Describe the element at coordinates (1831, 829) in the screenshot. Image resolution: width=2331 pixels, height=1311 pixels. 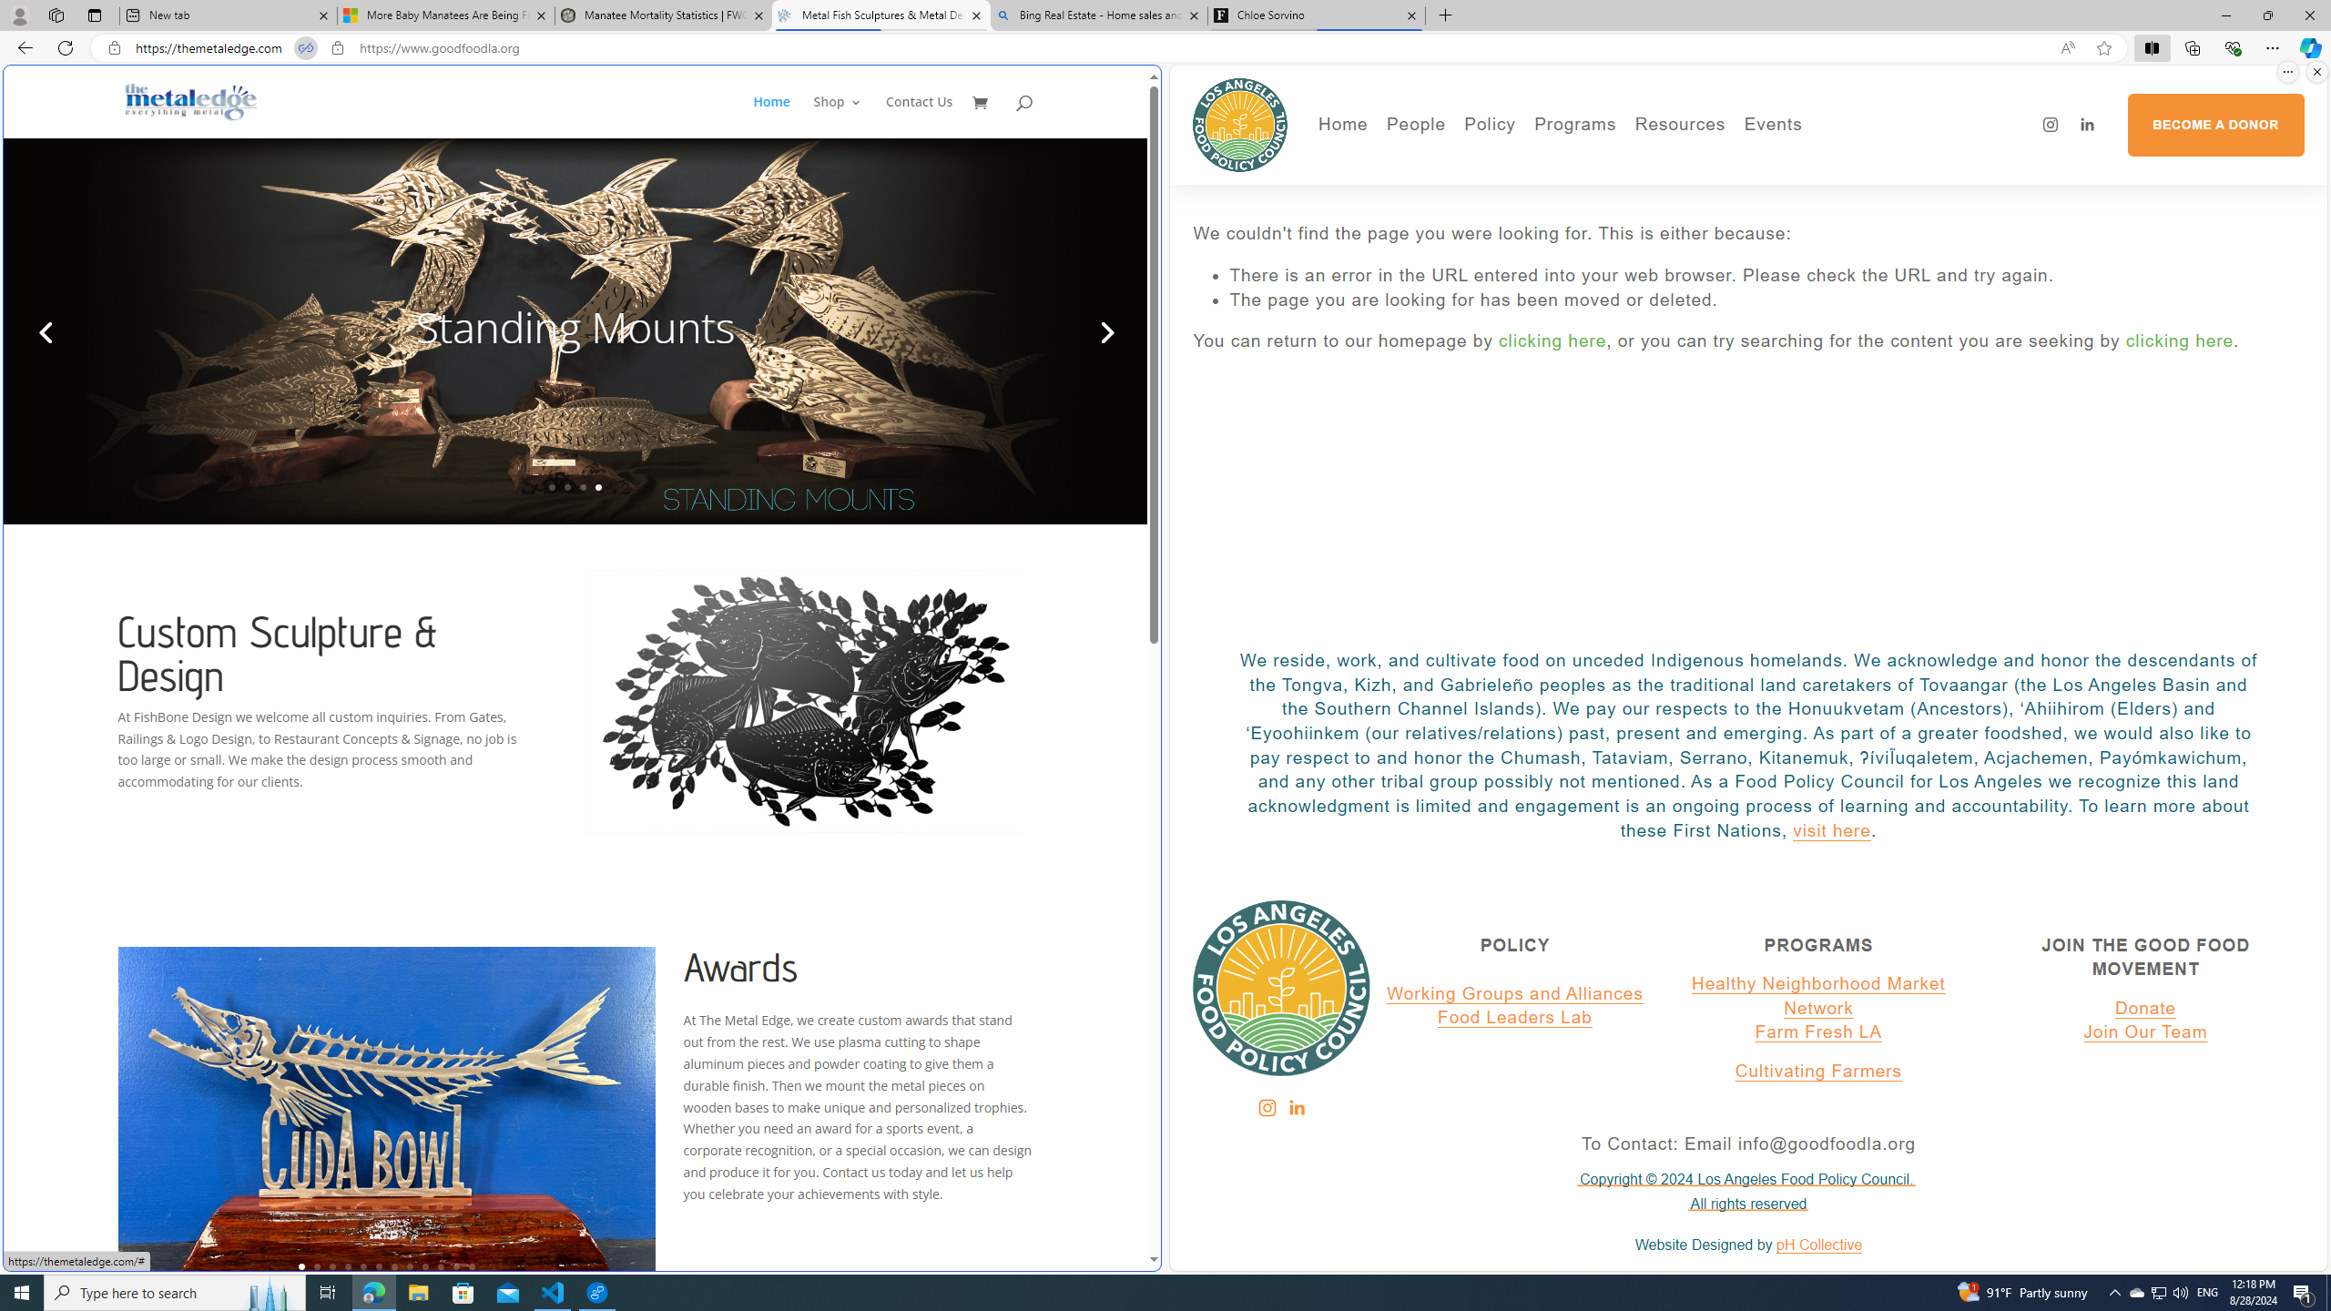
I see `'visit here'` at that location.